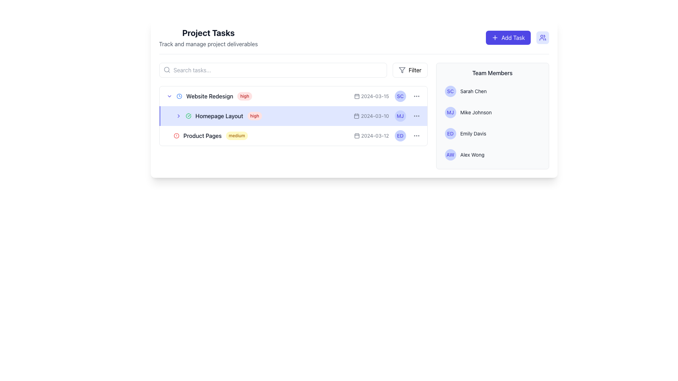  I want to click on the second task card, so click(293, 115).